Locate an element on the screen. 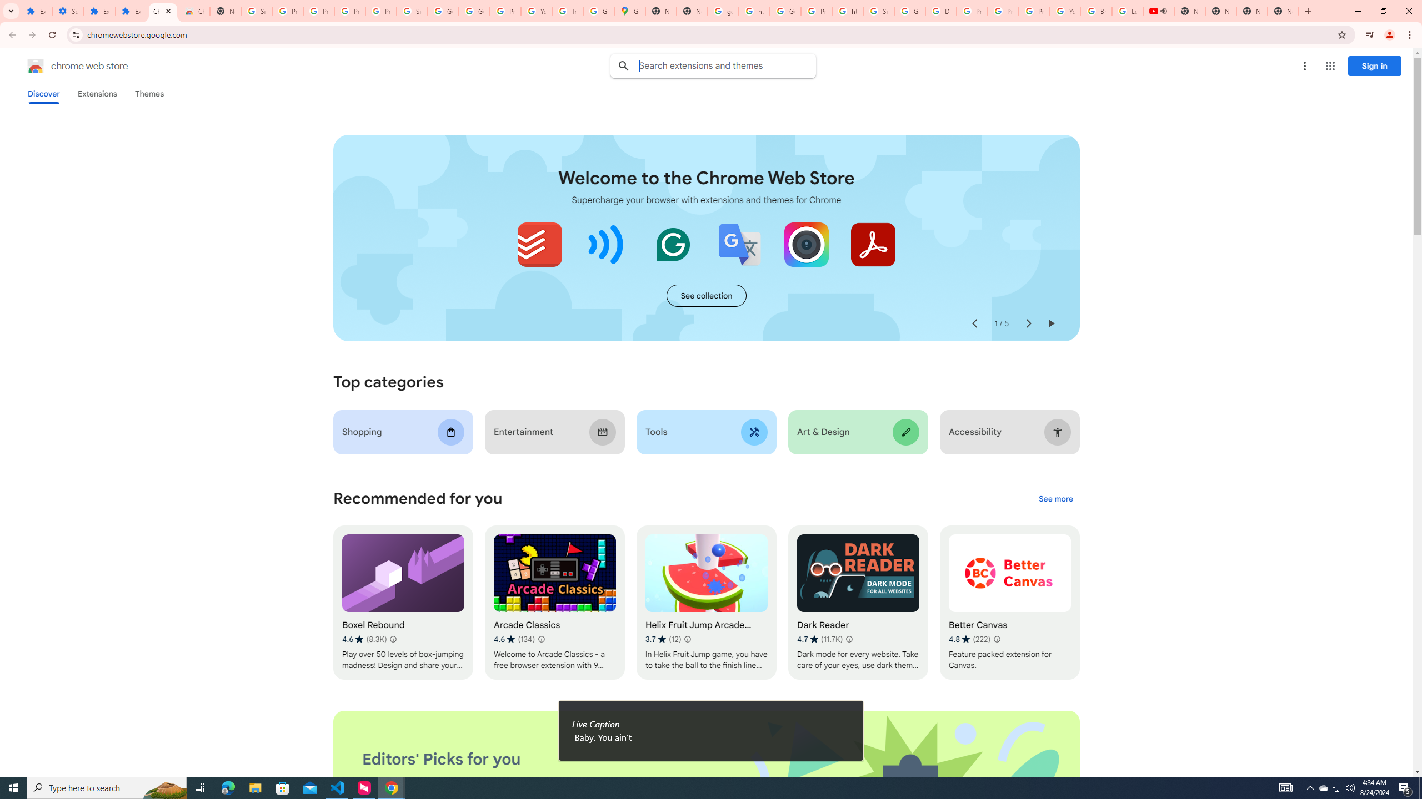 The width and height of the screenshot is (1422, 799). 'Average rating 4.8 out of 5 stars. 222 ratings.' is located at coordinates (969, 639).